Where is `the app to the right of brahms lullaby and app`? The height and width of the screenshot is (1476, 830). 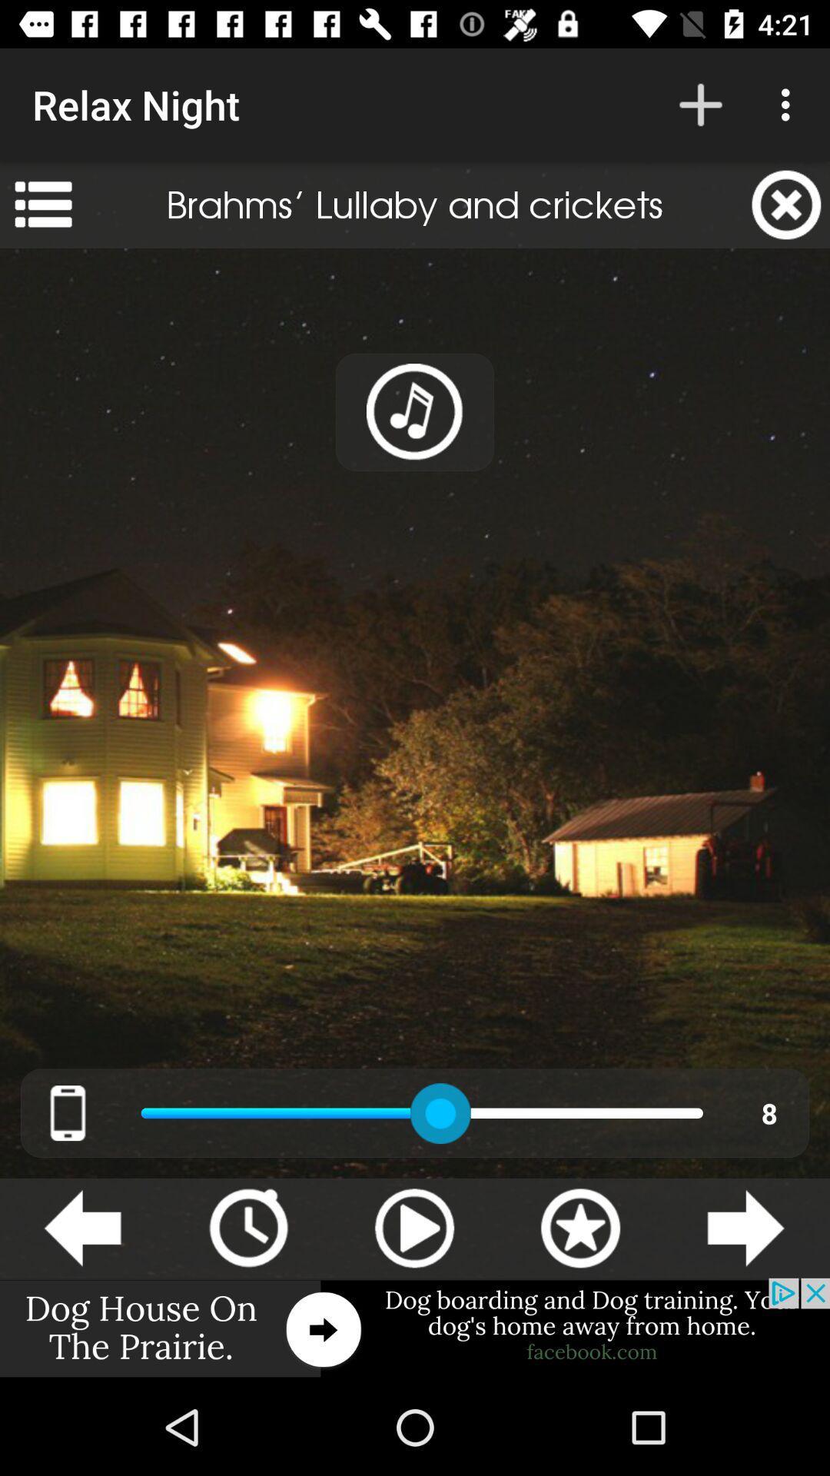 the app to the right of brahms lullaby and app is located at coordinates (786, 204).